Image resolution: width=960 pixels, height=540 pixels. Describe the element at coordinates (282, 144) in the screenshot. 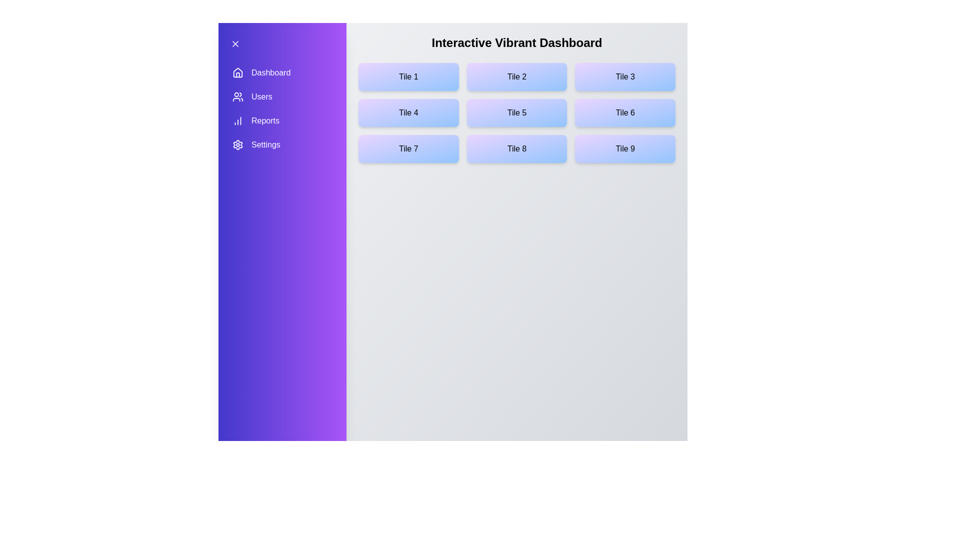

I see `the menu item Settings to navigate` at that location.